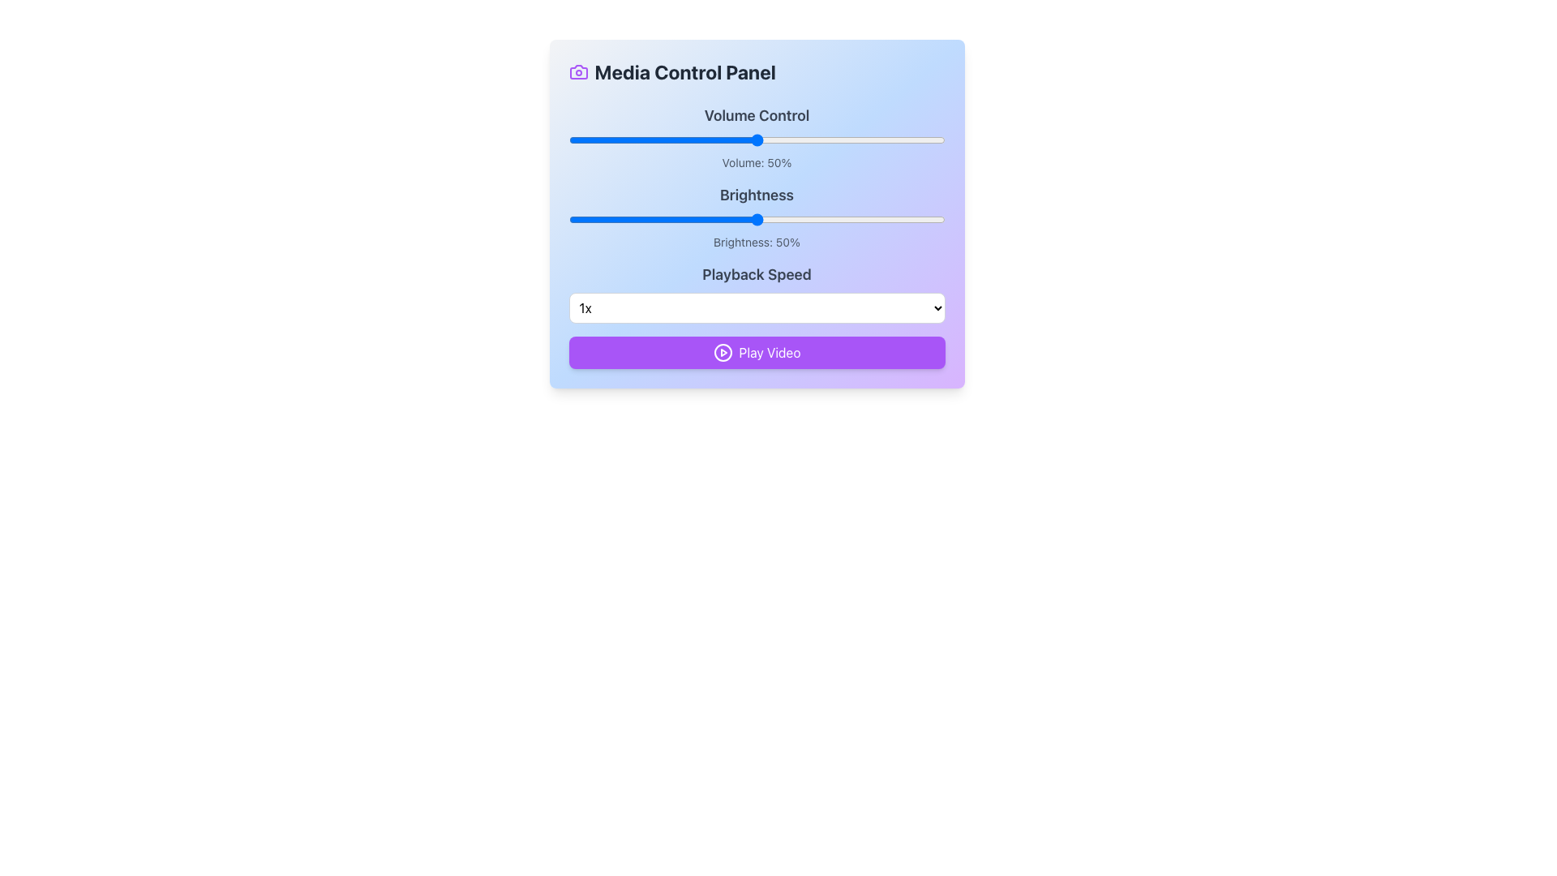 This screenshot has height=876, width=1557. What do you see at coordinates (926, 219) in the screenshot?
I see `brightness` at bounding box center [926, 219].